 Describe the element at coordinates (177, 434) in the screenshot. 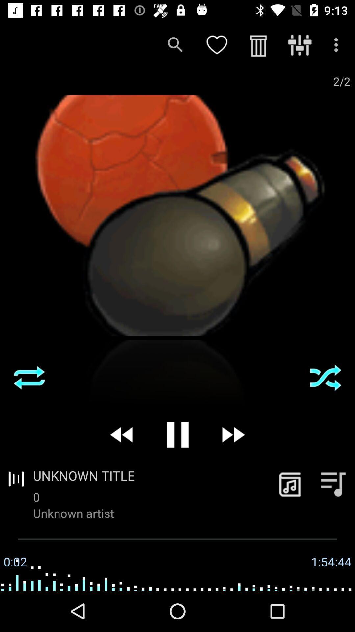

I see `pause audio` at that location.